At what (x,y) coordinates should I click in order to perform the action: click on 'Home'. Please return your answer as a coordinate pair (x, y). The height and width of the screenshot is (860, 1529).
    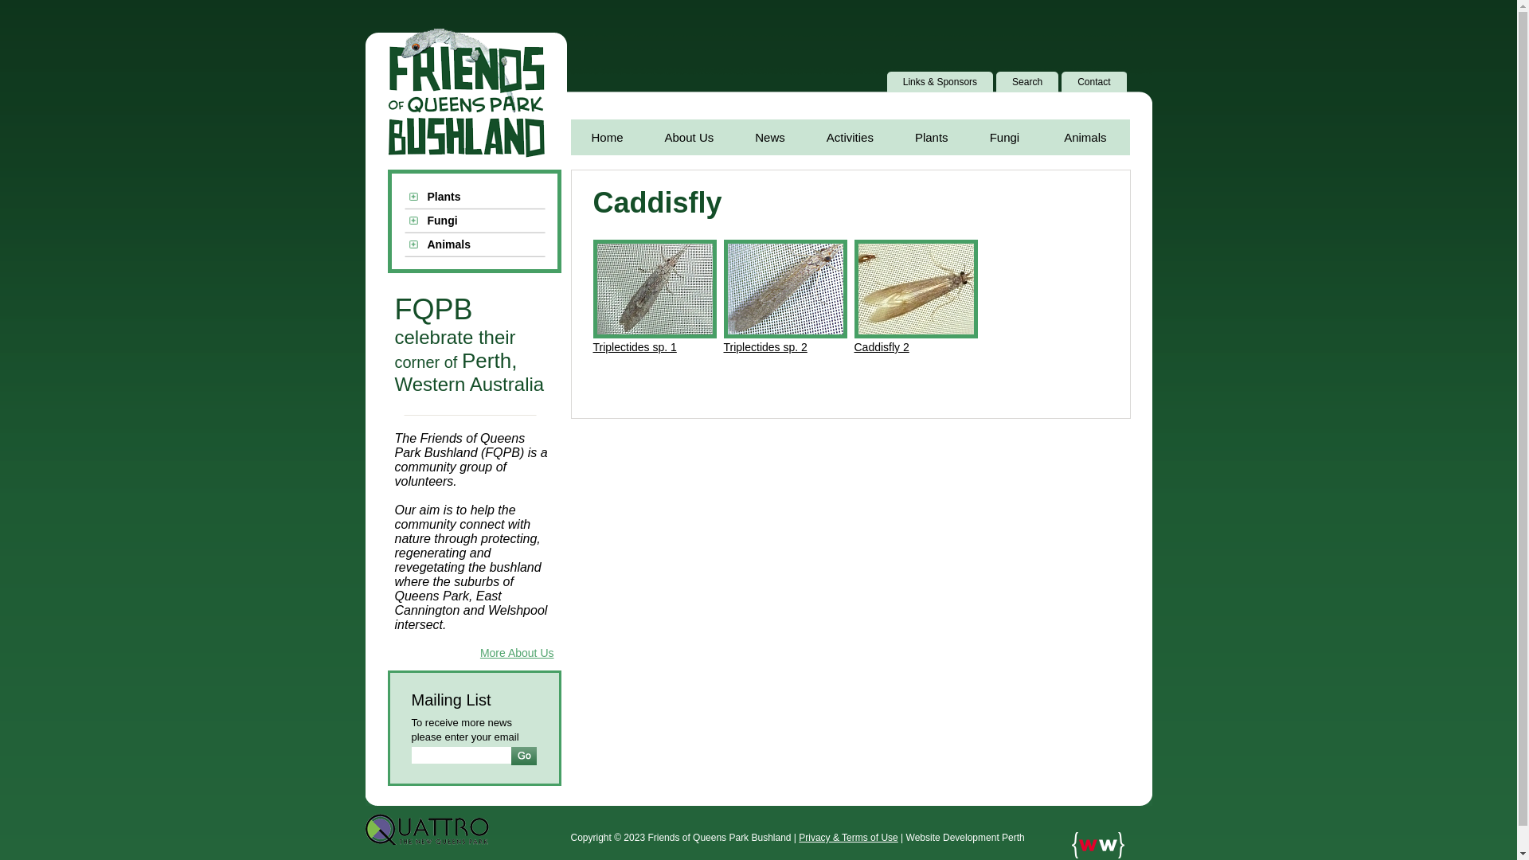
    Looking at the image, I should click on (606, 136).